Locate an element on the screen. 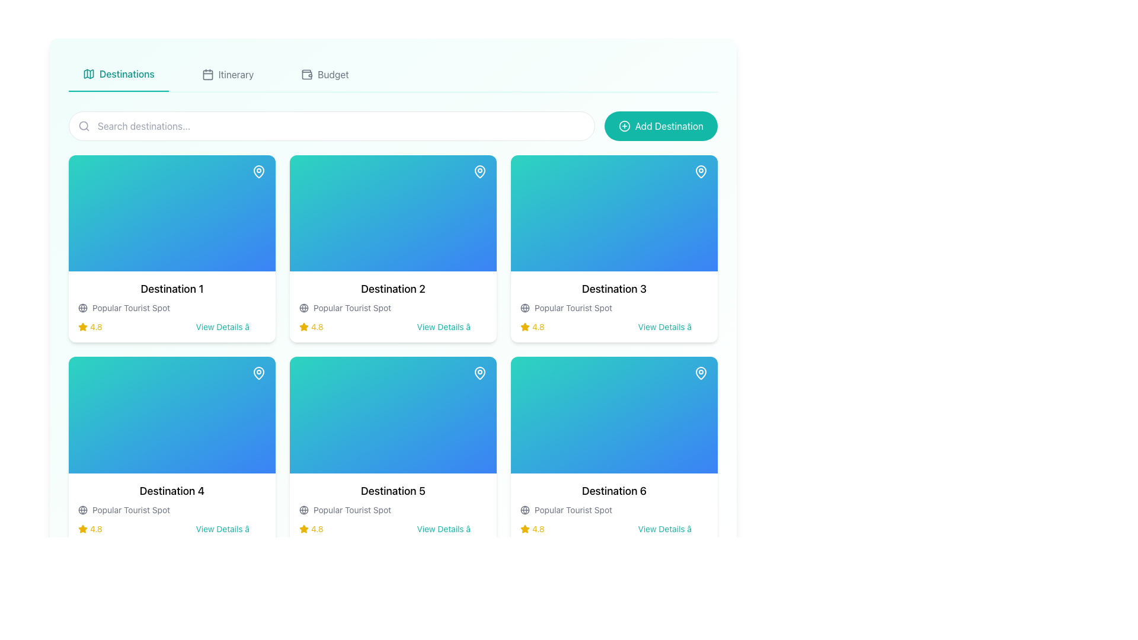 The width and height of the screenshot is (1138, 640). the yellow star-shaped icon indicating a rating feature, which is located in the lower left section of the Destination 4 card, adjacent to the numeric text label '4.8' is located at coordinates (82, 527).